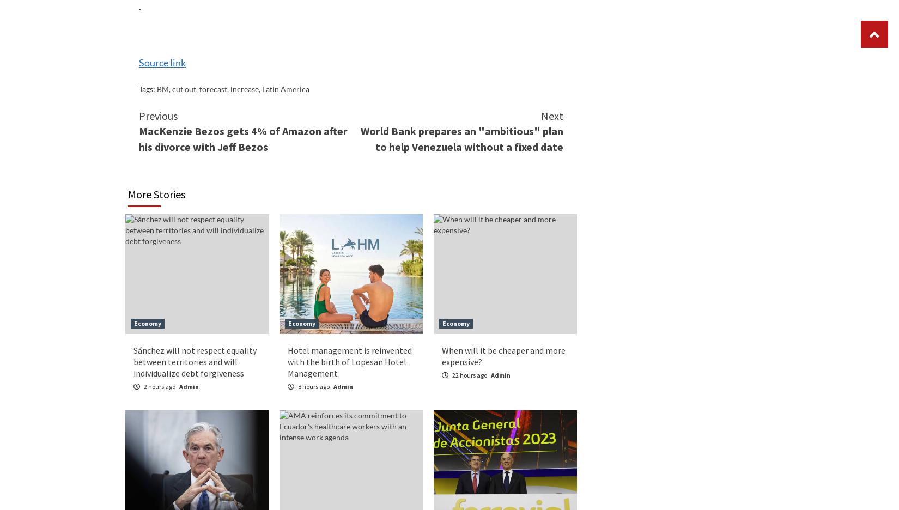 This screenshot has width=899, height=510. Describe the element at coordinates (140, 5) in the screenshot. I see `'.'` at that location.